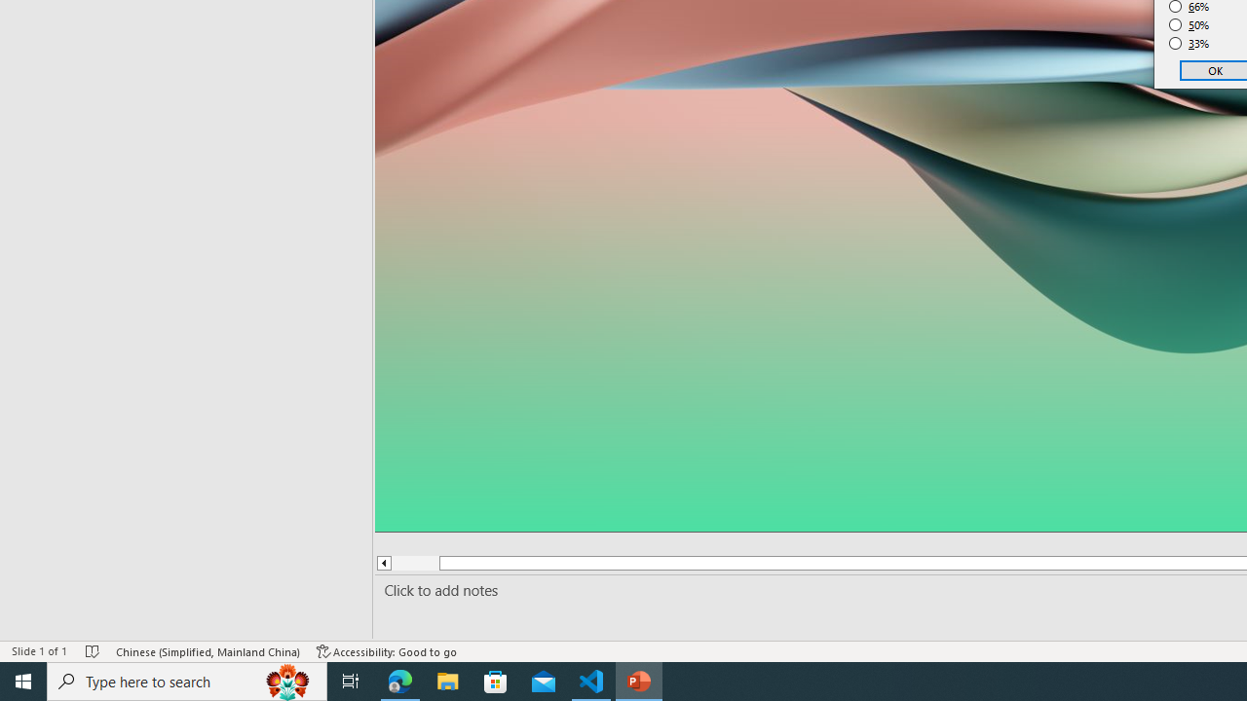  What do you see at coordinates (639, 680) in the screenshot?
I see `'PowerPoint - 1 running window'` at bounding box center [639, 680].